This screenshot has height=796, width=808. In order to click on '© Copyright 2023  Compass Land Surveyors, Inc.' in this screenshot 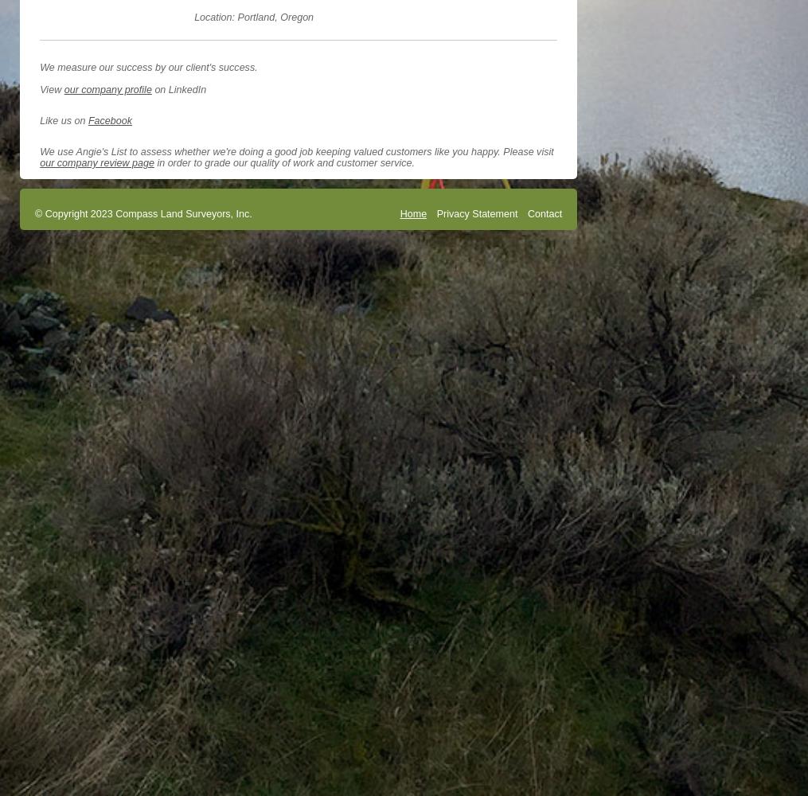, I will do `click(142, 214)`.